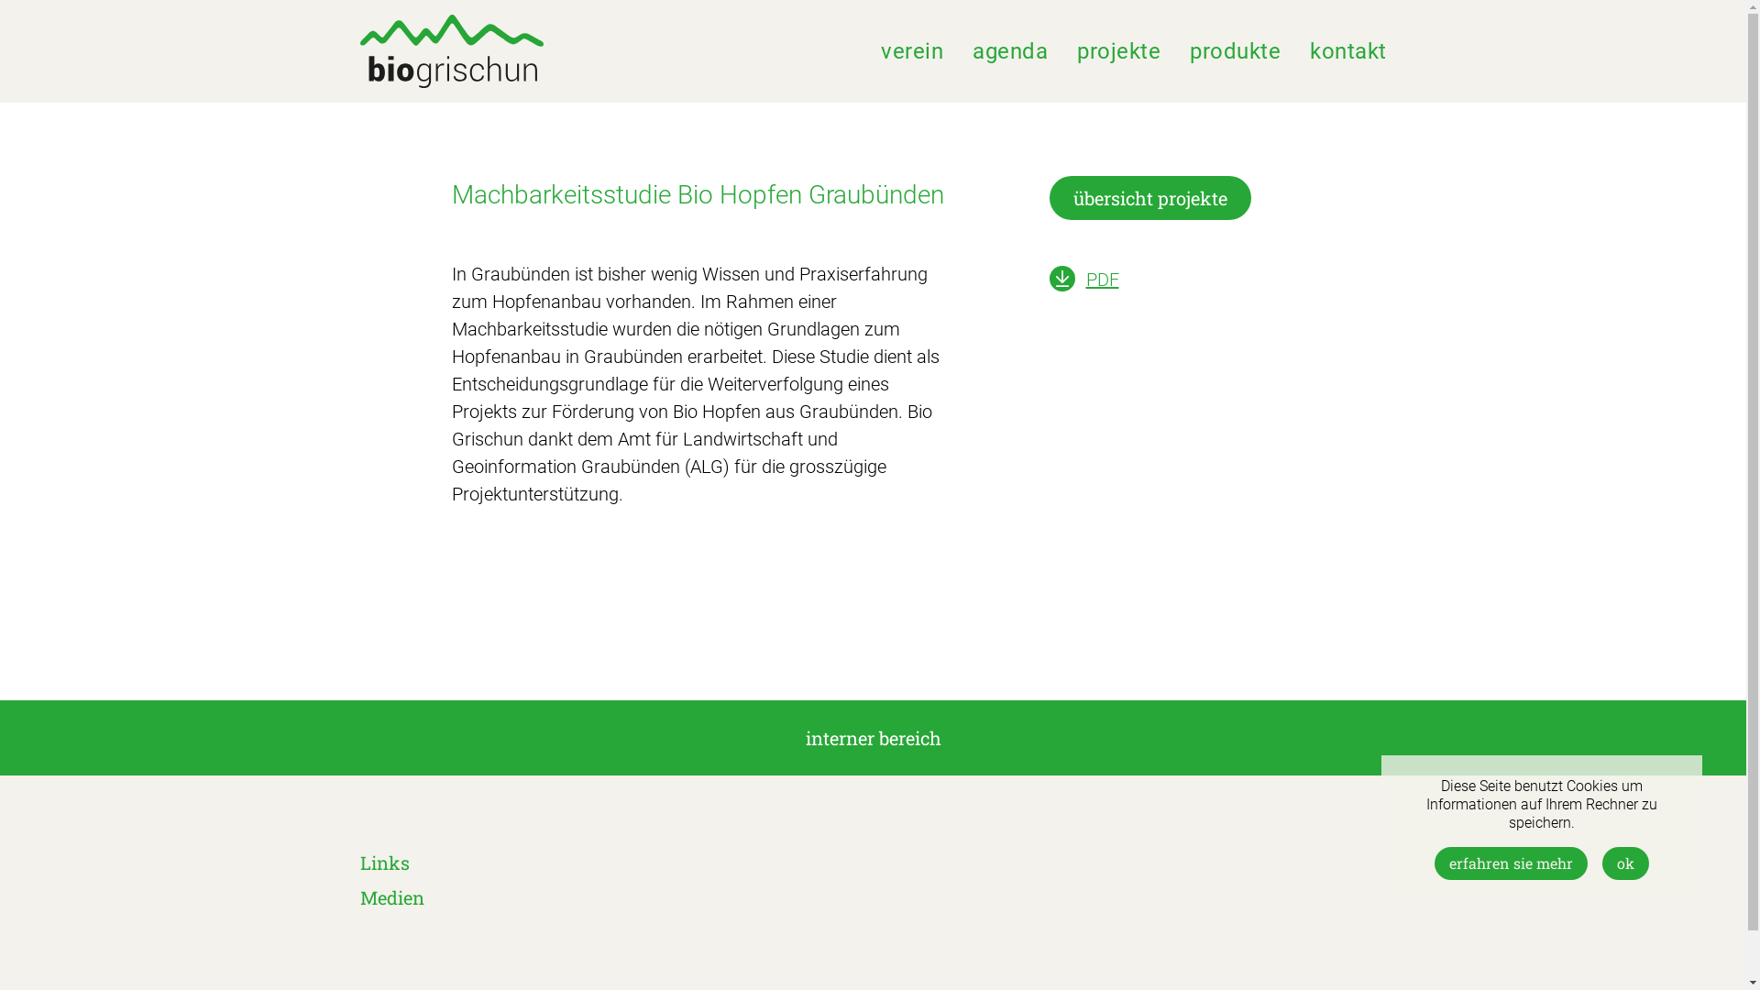  What do you see at coordinates (911, 50) in the screenshot?
I see `'verein'` at bounding box center [911, 50].